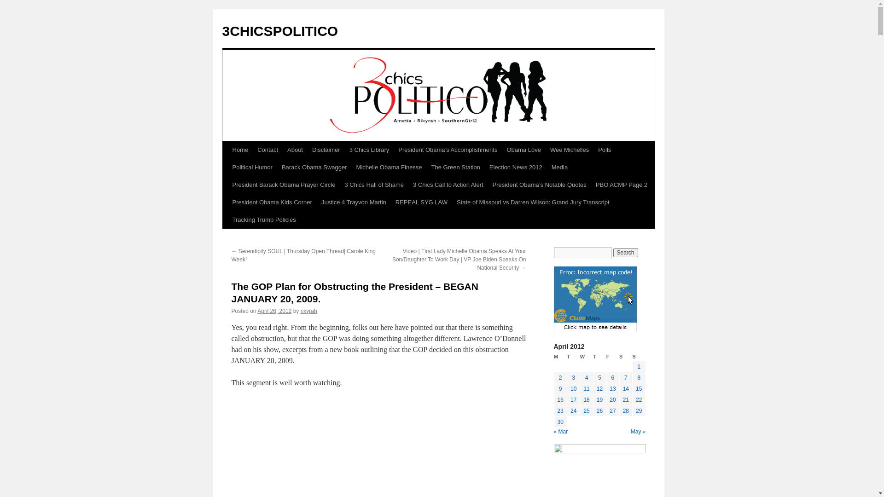 The width and height of the screenshot is (884, 497). What do you see at coordinates (626, 378) in the screenshot?
I see `'7'` at bounding box center [626, 378].